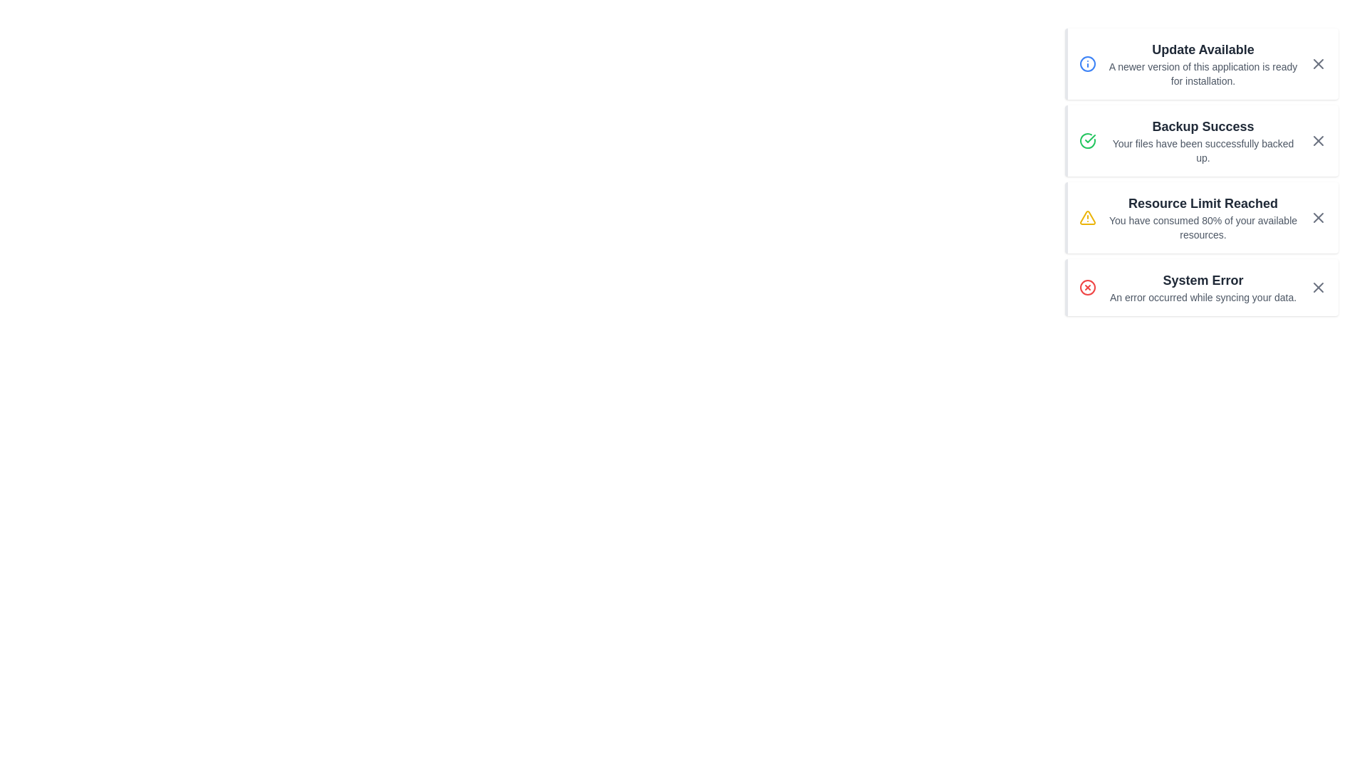 Image resolution: width=1367 pixels, height=769 pixels. Describe the element at coordinates (1318, 217) in the screenshot. I see `the close button located at the far right end of the notification titled 'Resource Limit Reached'` at that location.